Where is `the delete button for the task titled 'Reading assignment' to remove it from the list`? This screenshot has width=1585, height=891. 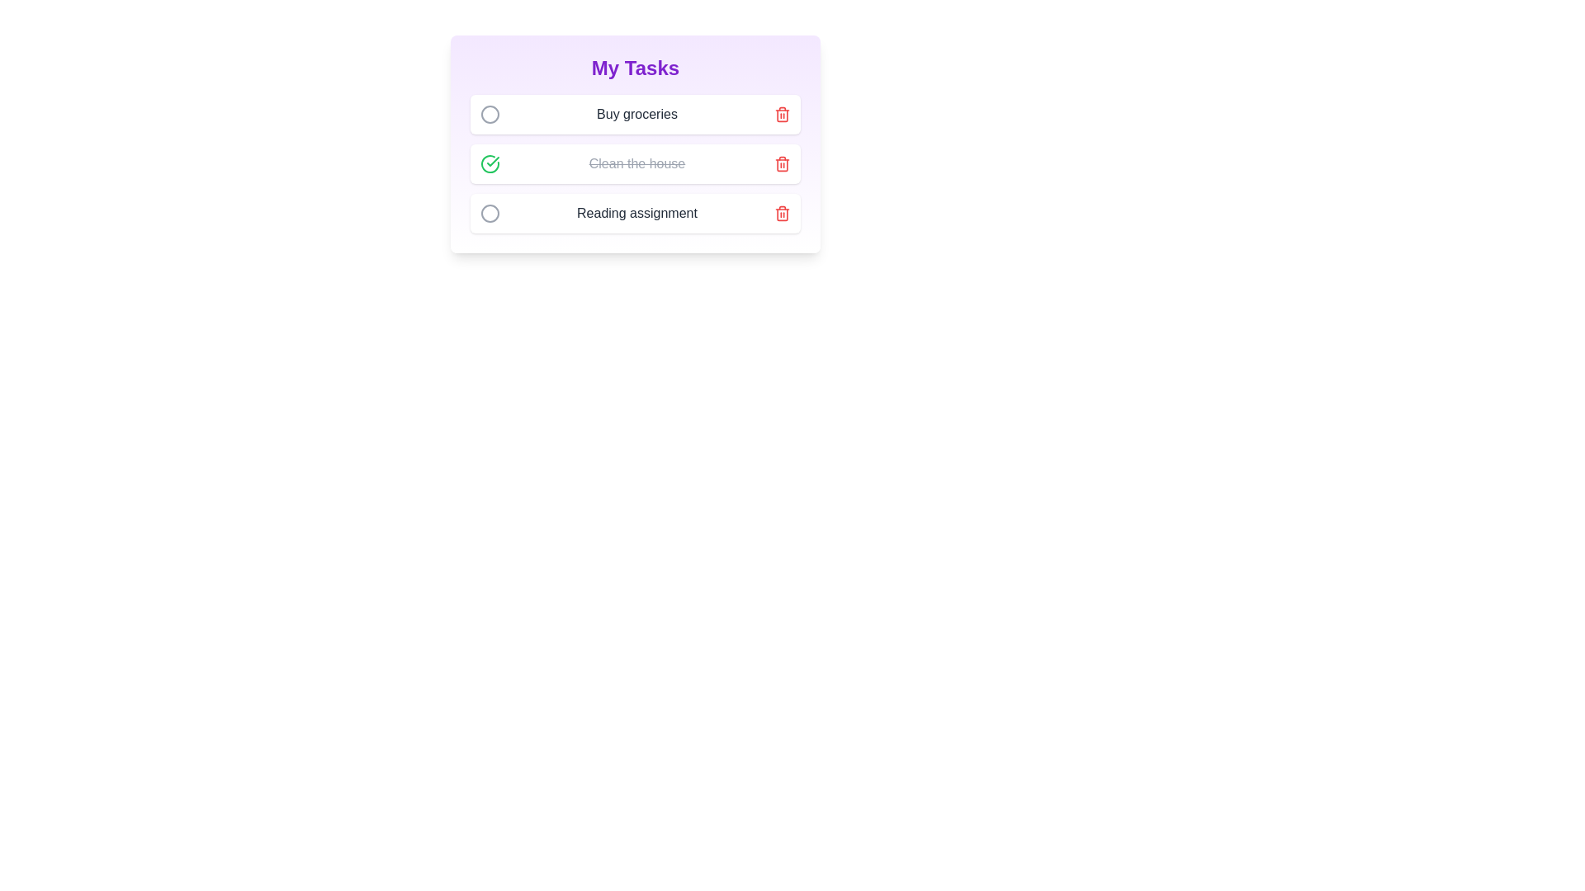 the delete button for the task titled 'Reading assignment' to remove it from the list is located at coordinates (782, 212).